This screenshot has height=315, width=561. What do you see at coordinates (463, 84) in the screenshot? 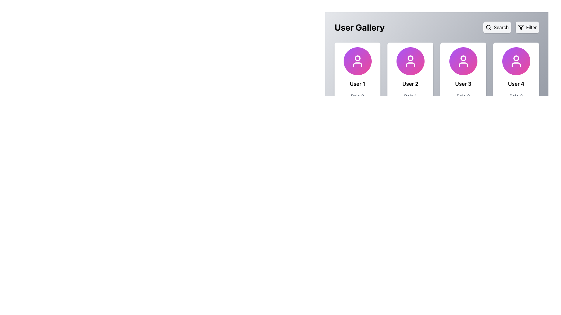
I see `displayed text 'User 3' from the text label located below the circular profile placeholder icon in the third user card` at bounding box center [463, 84].